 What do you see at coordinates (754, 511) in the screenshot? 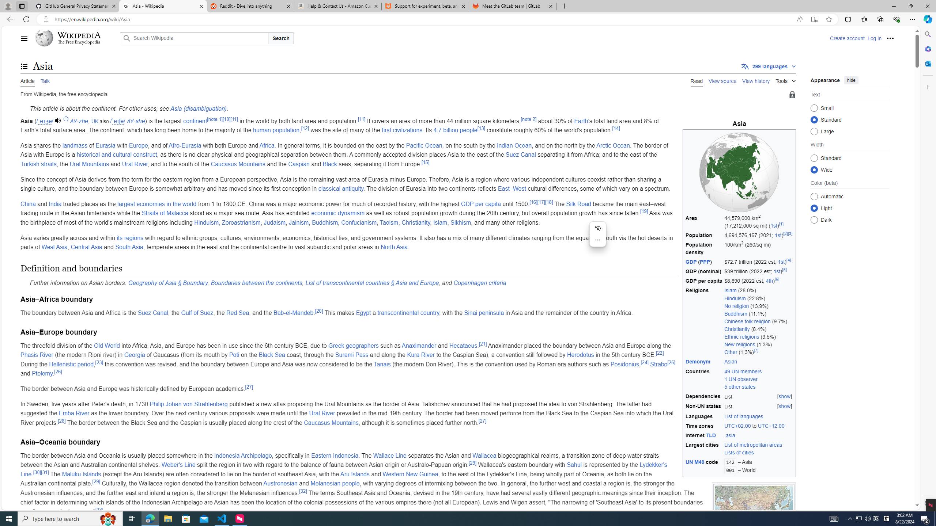
I see `'Class: mw-file-element'` at bounding box center [754, 511].